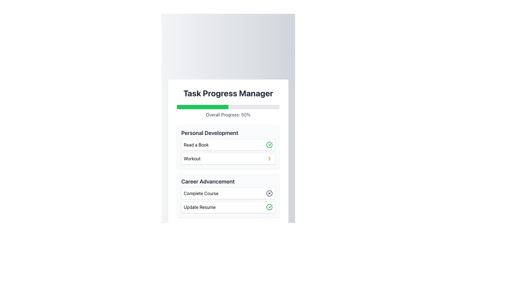  I want to click on the text label indicating 'Personal Development', which serves as a section header for related tasks, so click(228, 133).